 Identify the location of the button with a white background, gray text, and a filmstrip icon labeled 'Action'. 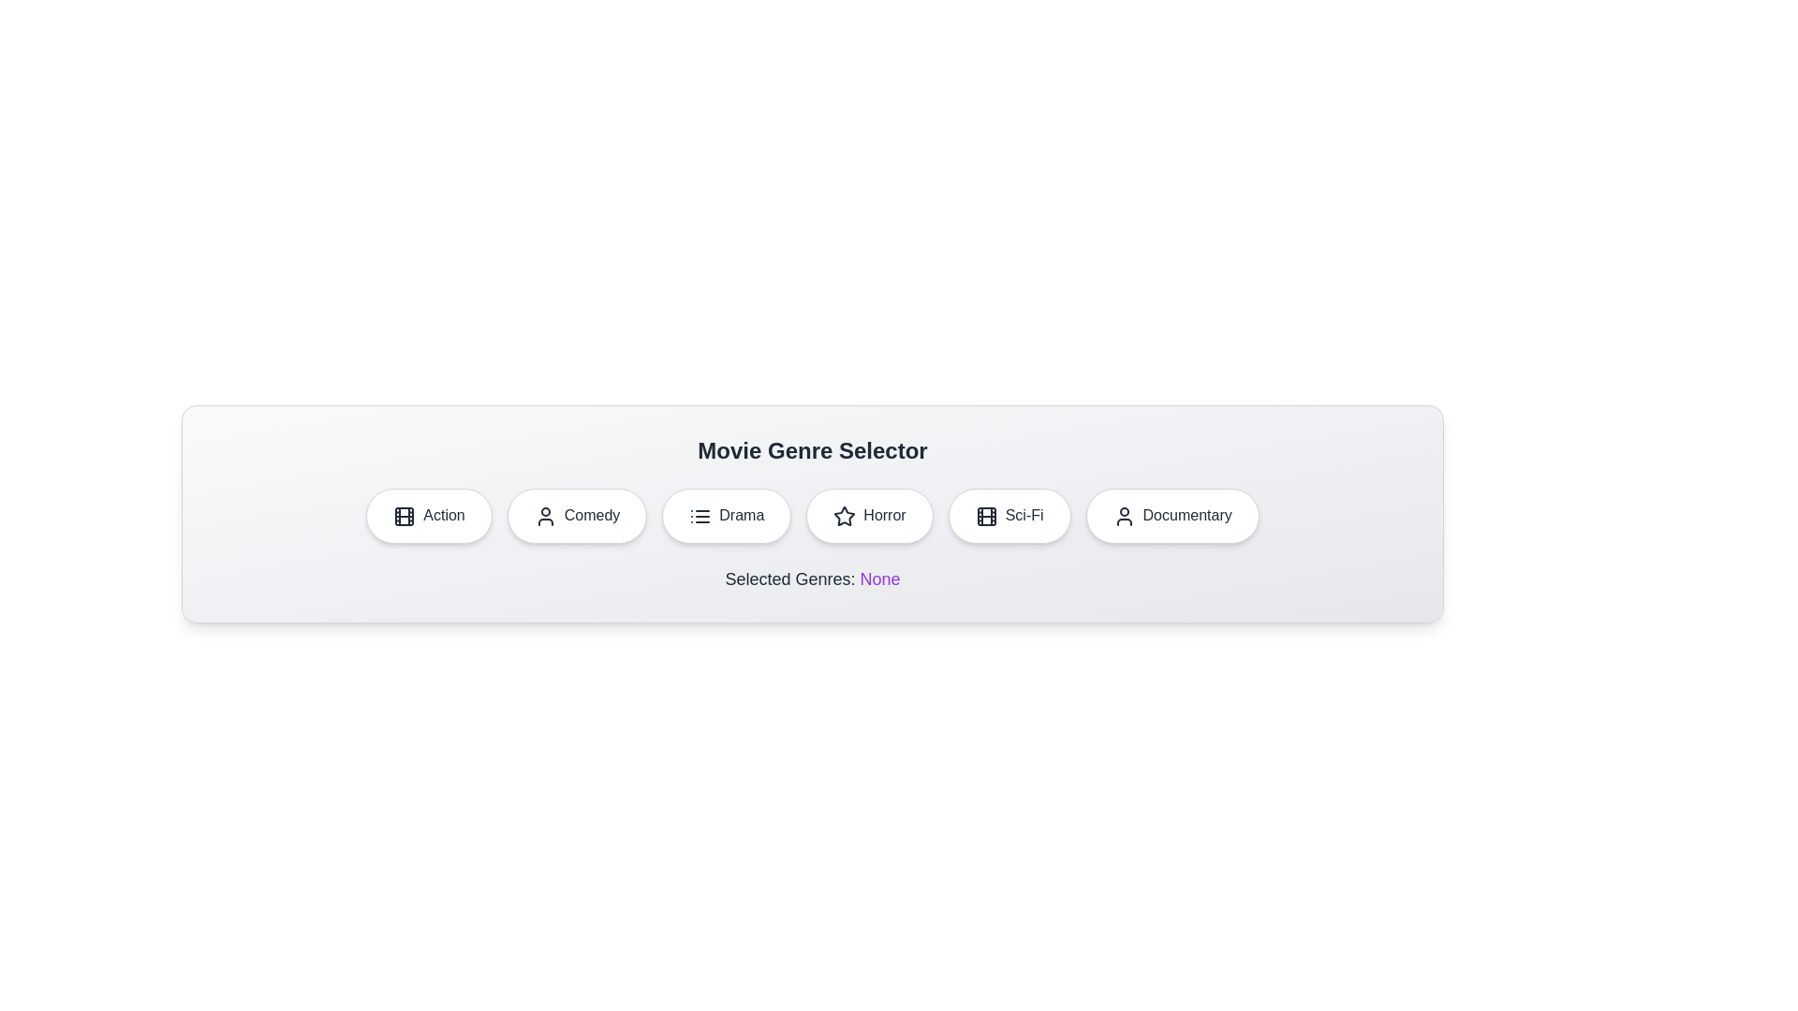
(428, 516).